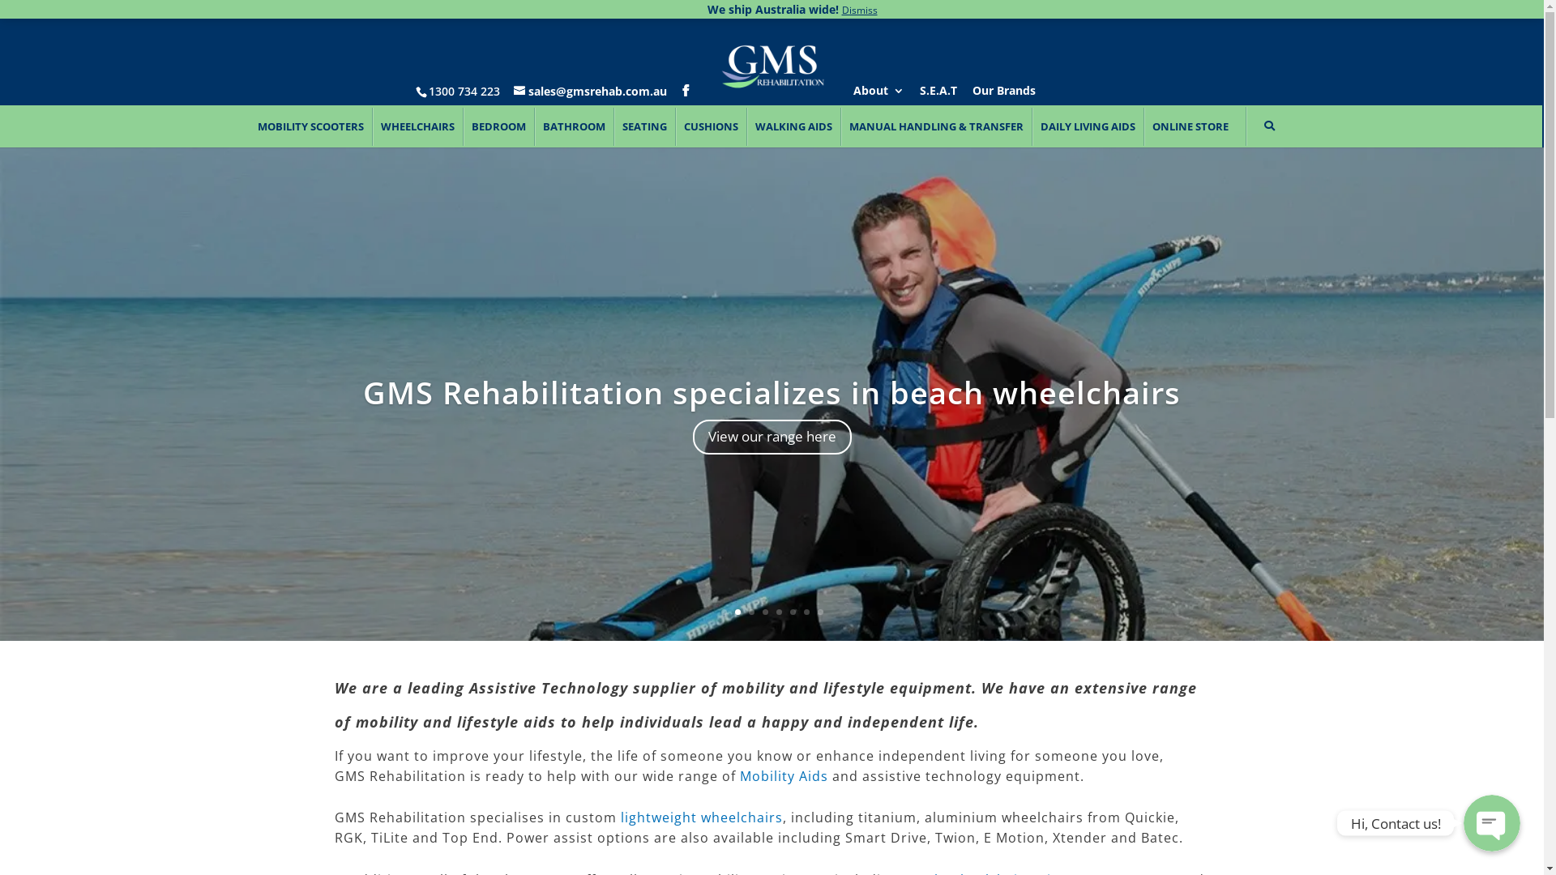 Image resolution: width=1556 pixels, height=875 pixels. Describe the element at coordinates (793, 126) in the screenshot. I see `'WALKING AIDS'` at that location.